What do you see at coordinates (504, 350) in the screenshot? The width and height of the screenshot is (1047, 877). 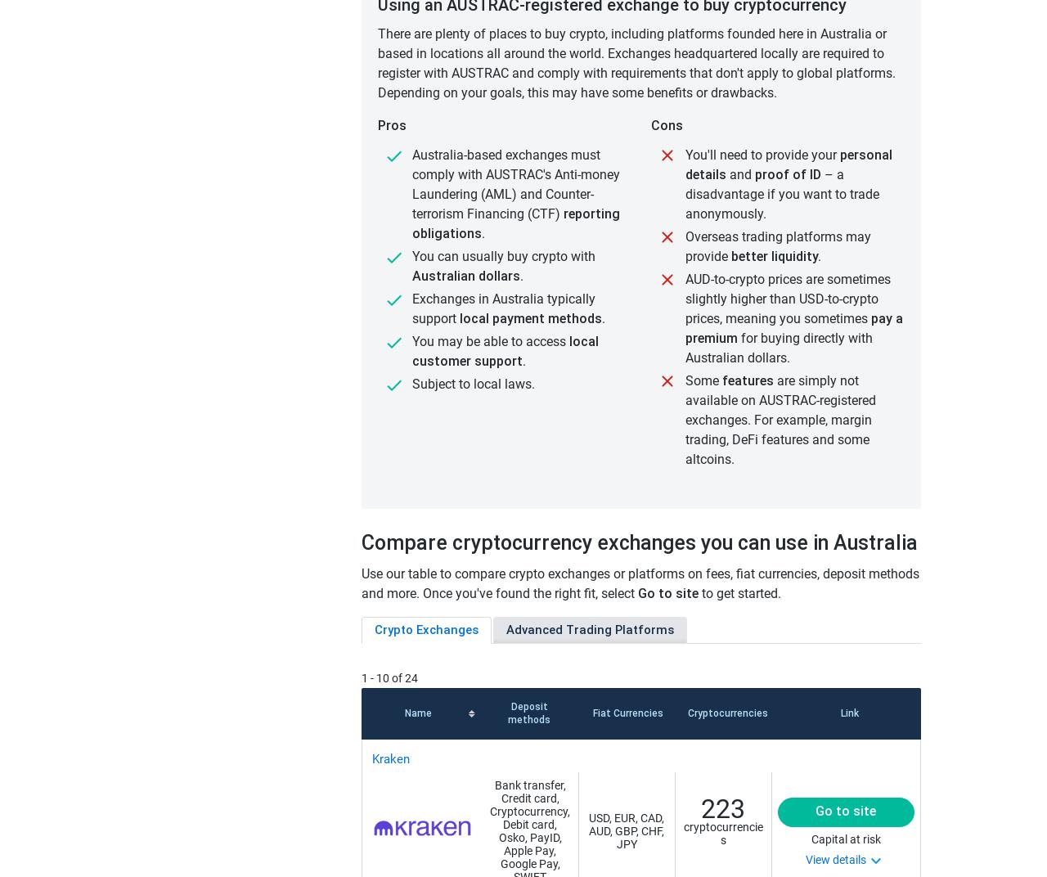 I see `'local customer support'` at bounding box center [504, 350].